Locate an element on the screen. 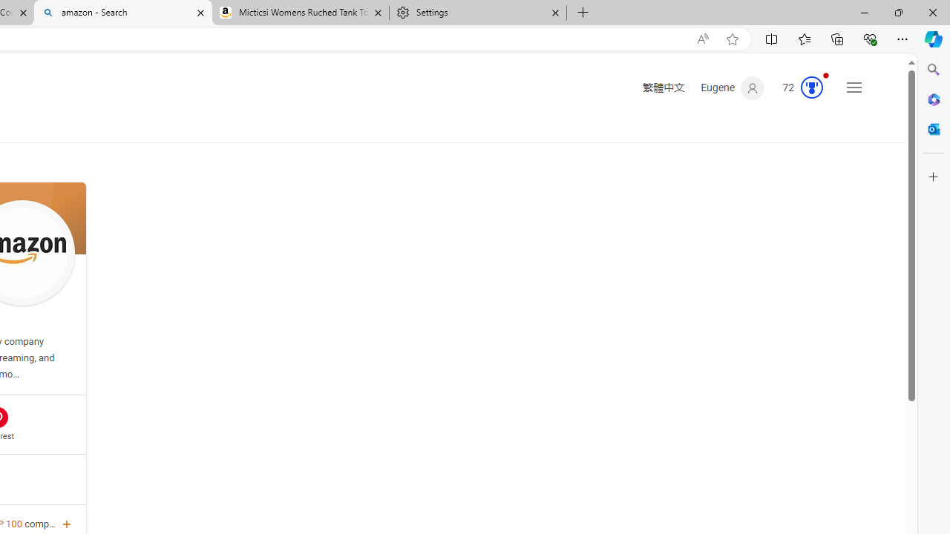  'amazon - Search' is located at coordinates (123, 13).